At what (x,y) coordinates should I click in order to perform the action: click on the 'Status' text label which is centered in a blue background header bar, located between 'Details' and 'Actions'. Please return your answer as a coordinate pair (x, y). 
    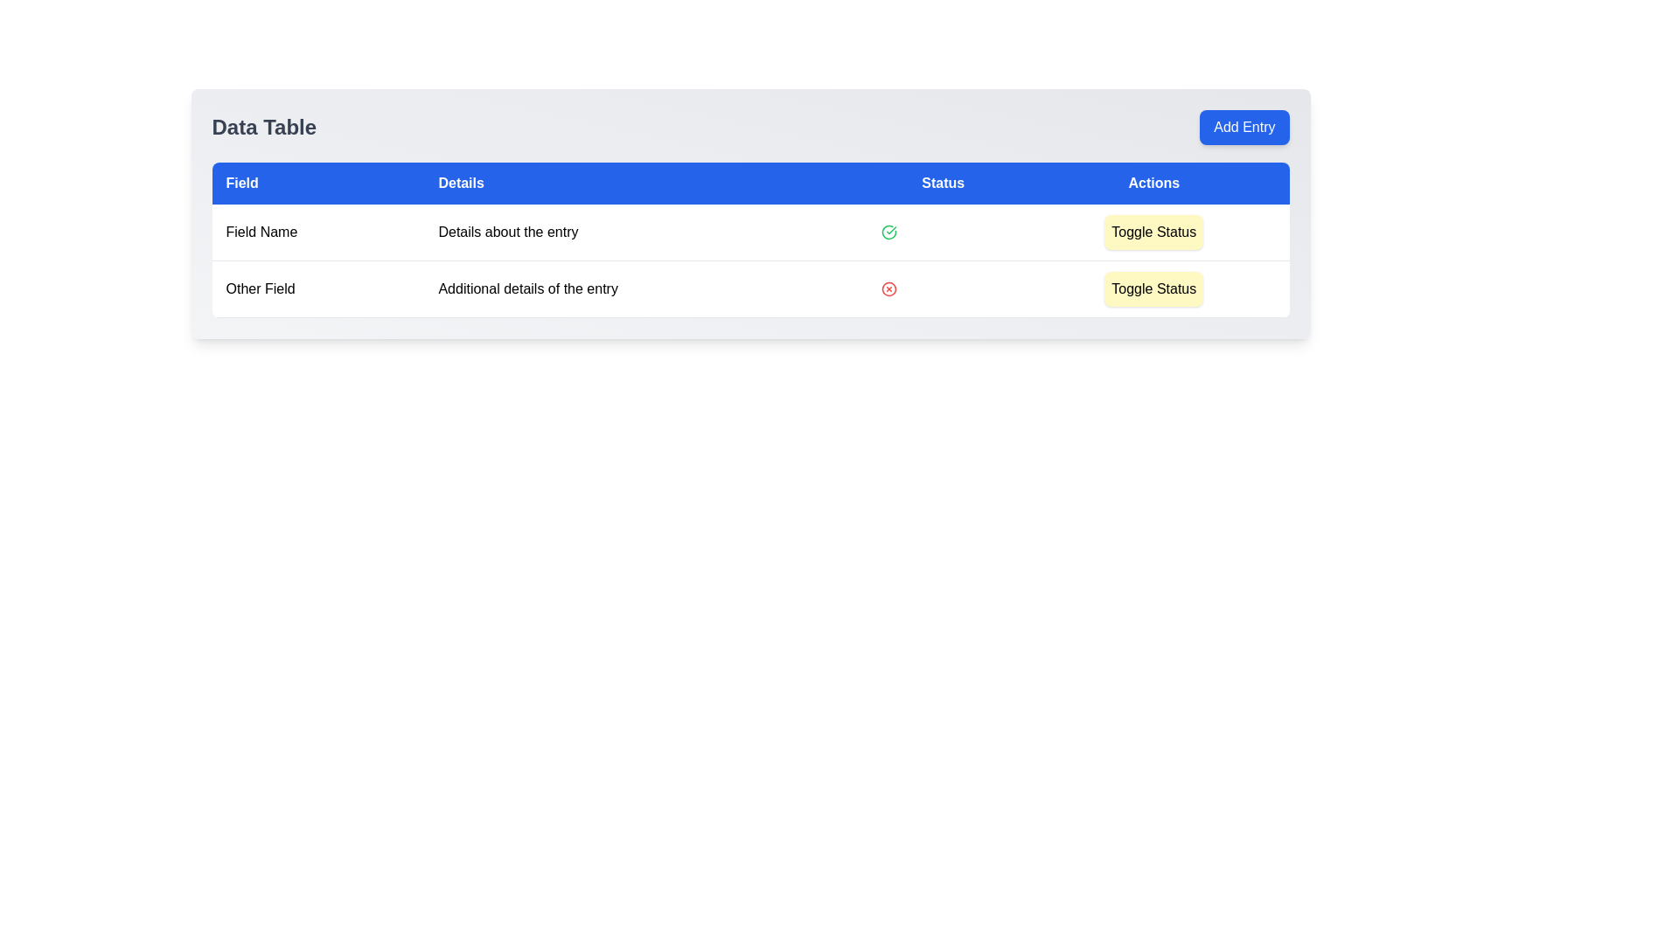
    Looking at the image, I should click on (942, 183).